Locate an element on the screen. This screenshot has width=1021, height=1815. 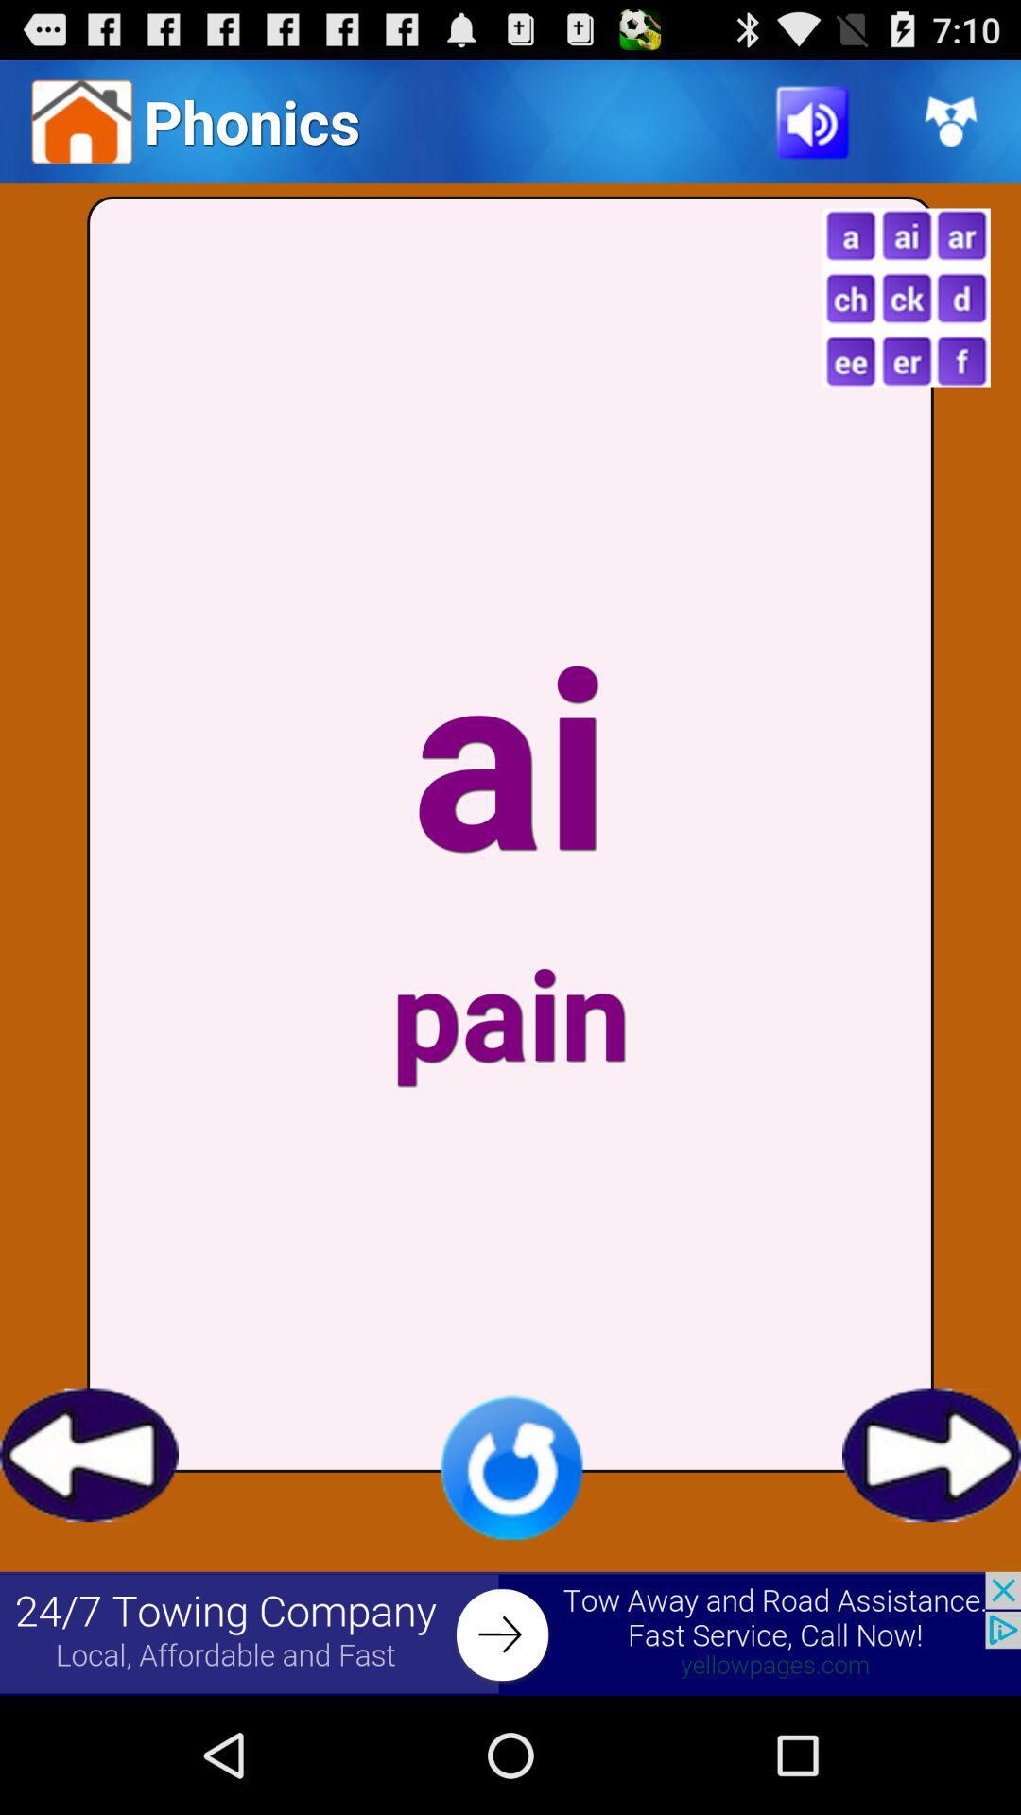
previous is located at coordinates (89, 1454).